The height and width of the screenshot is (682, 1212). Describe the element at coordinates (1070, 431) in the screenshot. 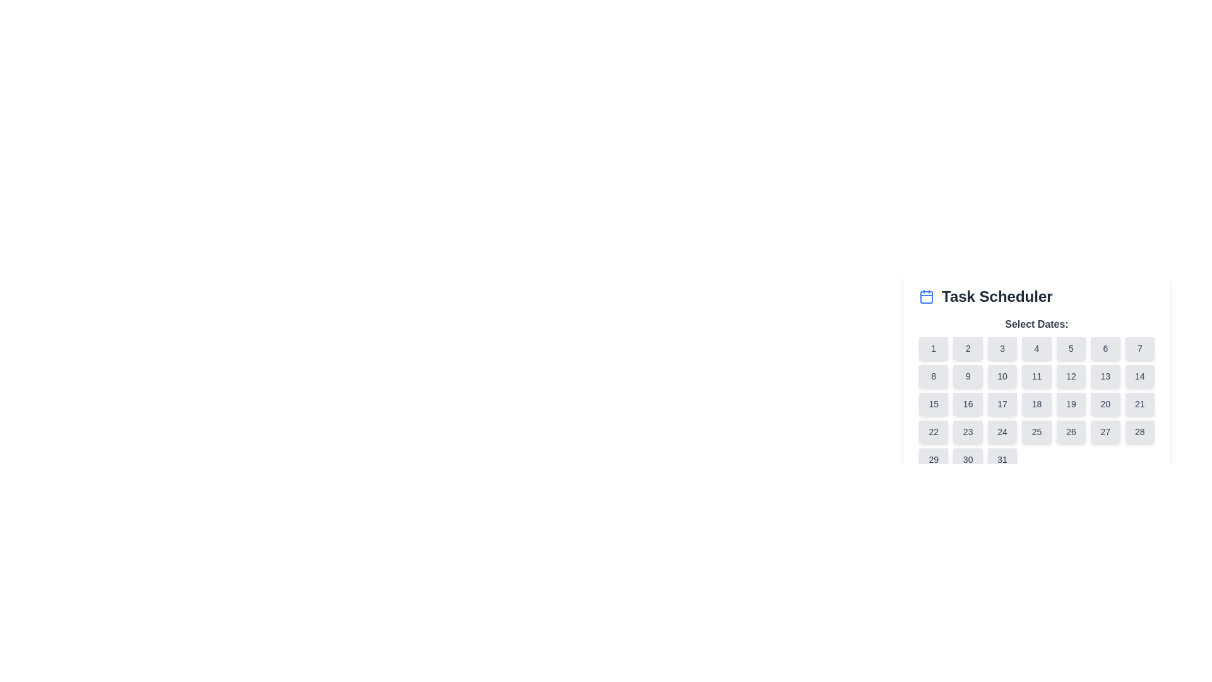

I see `the small rectangular button with rounded corners displaying the number '26'` at that location.